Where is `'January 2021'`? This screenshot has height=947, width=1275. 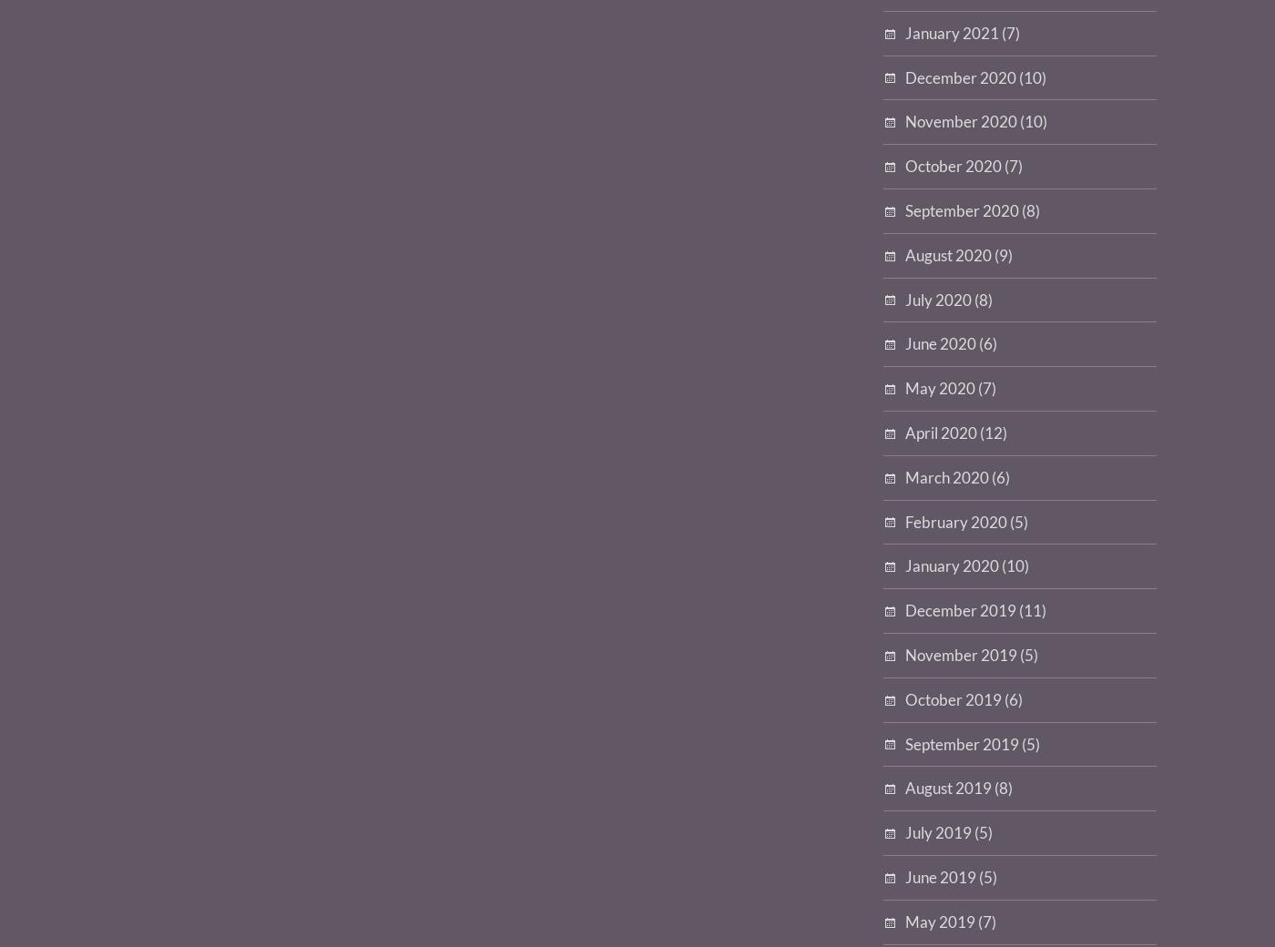 'January 2021' is located at coordinates (905, 31).